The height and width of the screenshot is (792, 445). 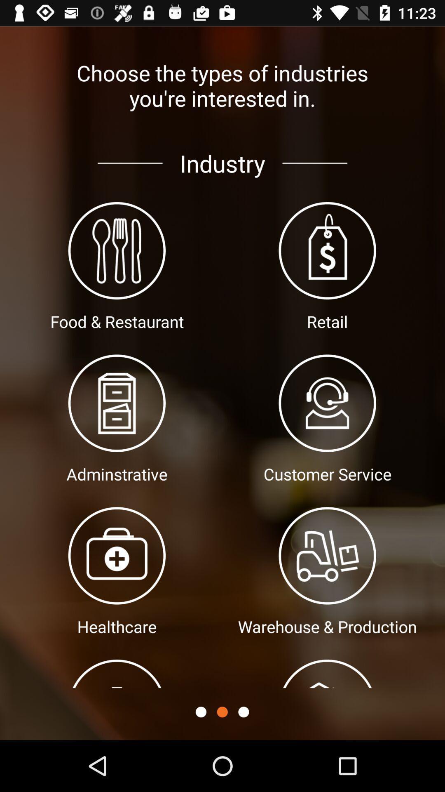 I want to click on go back, so click(x=201, y=712).